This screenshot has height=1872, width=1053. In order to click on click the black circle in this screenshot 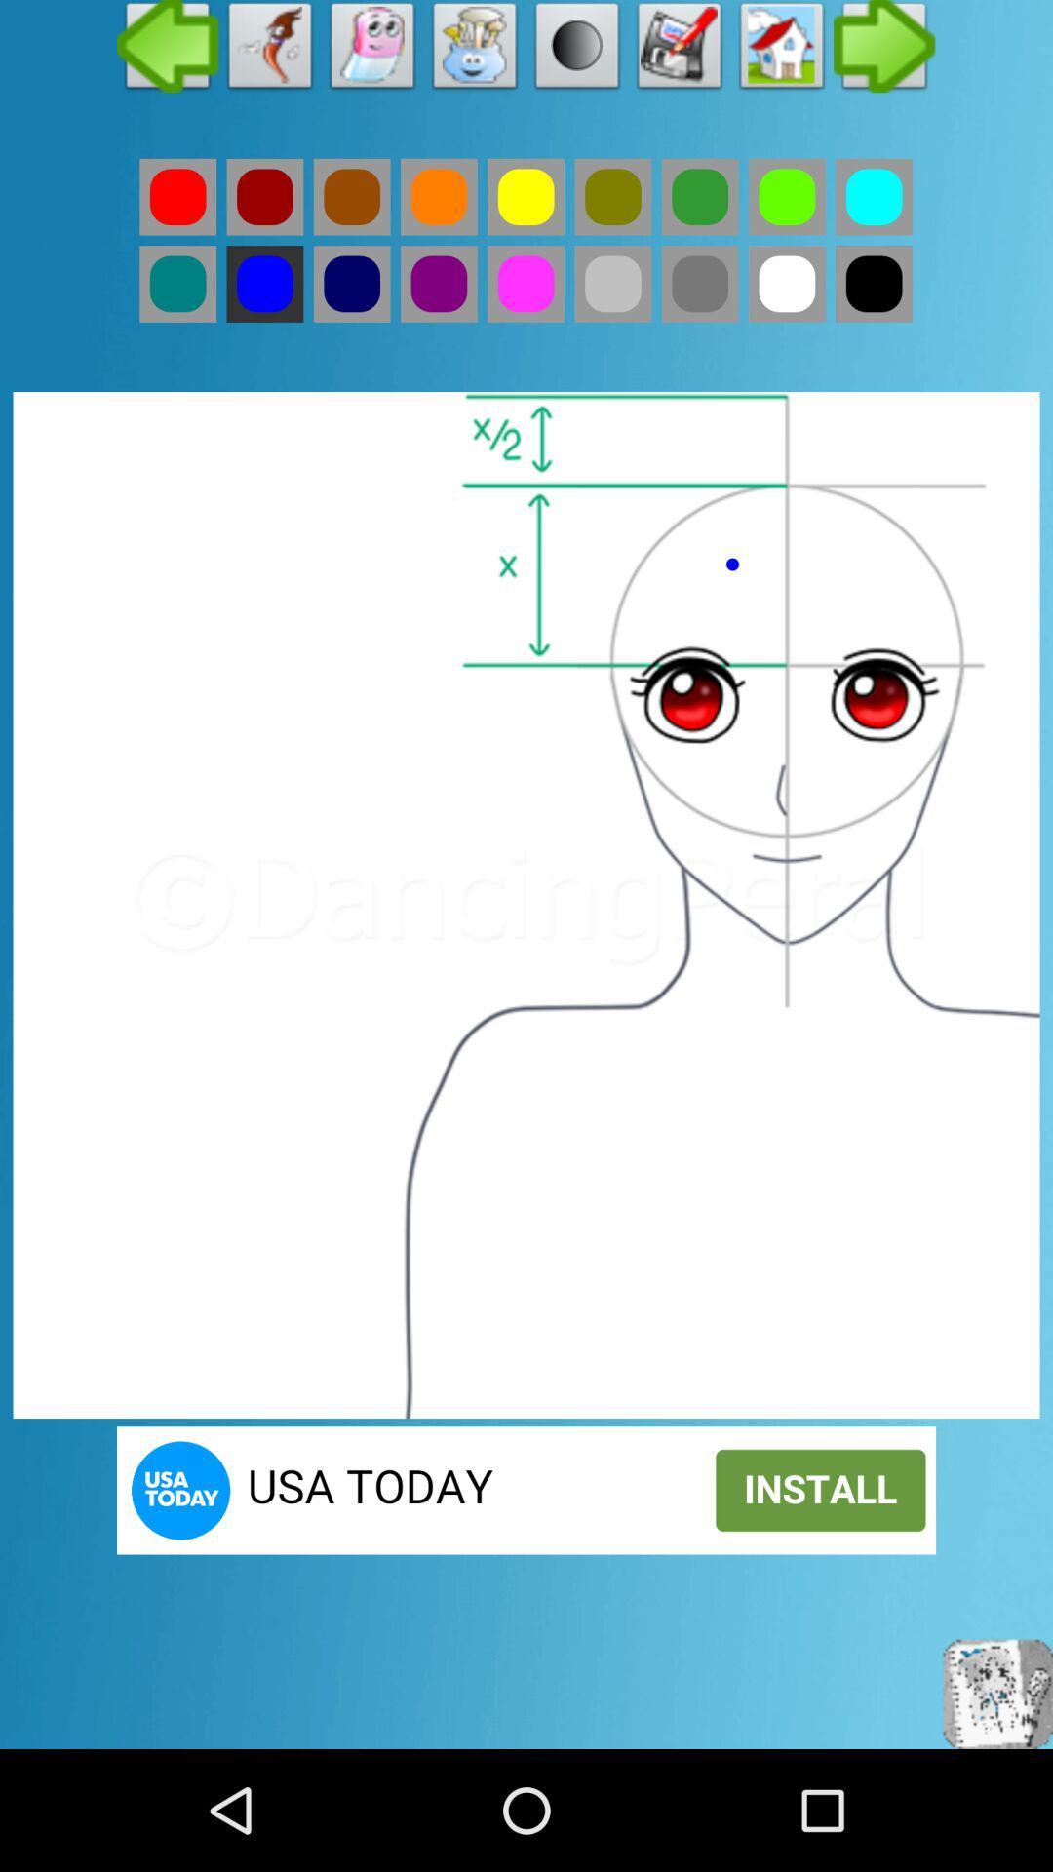, I will do `click(576, 51)`.